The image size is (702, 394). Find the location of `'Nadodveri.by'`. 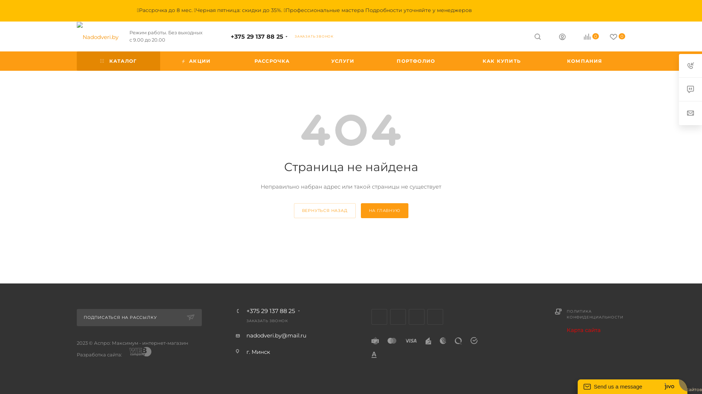

'Nadodveri.by' is located at coordinates (77, 36).